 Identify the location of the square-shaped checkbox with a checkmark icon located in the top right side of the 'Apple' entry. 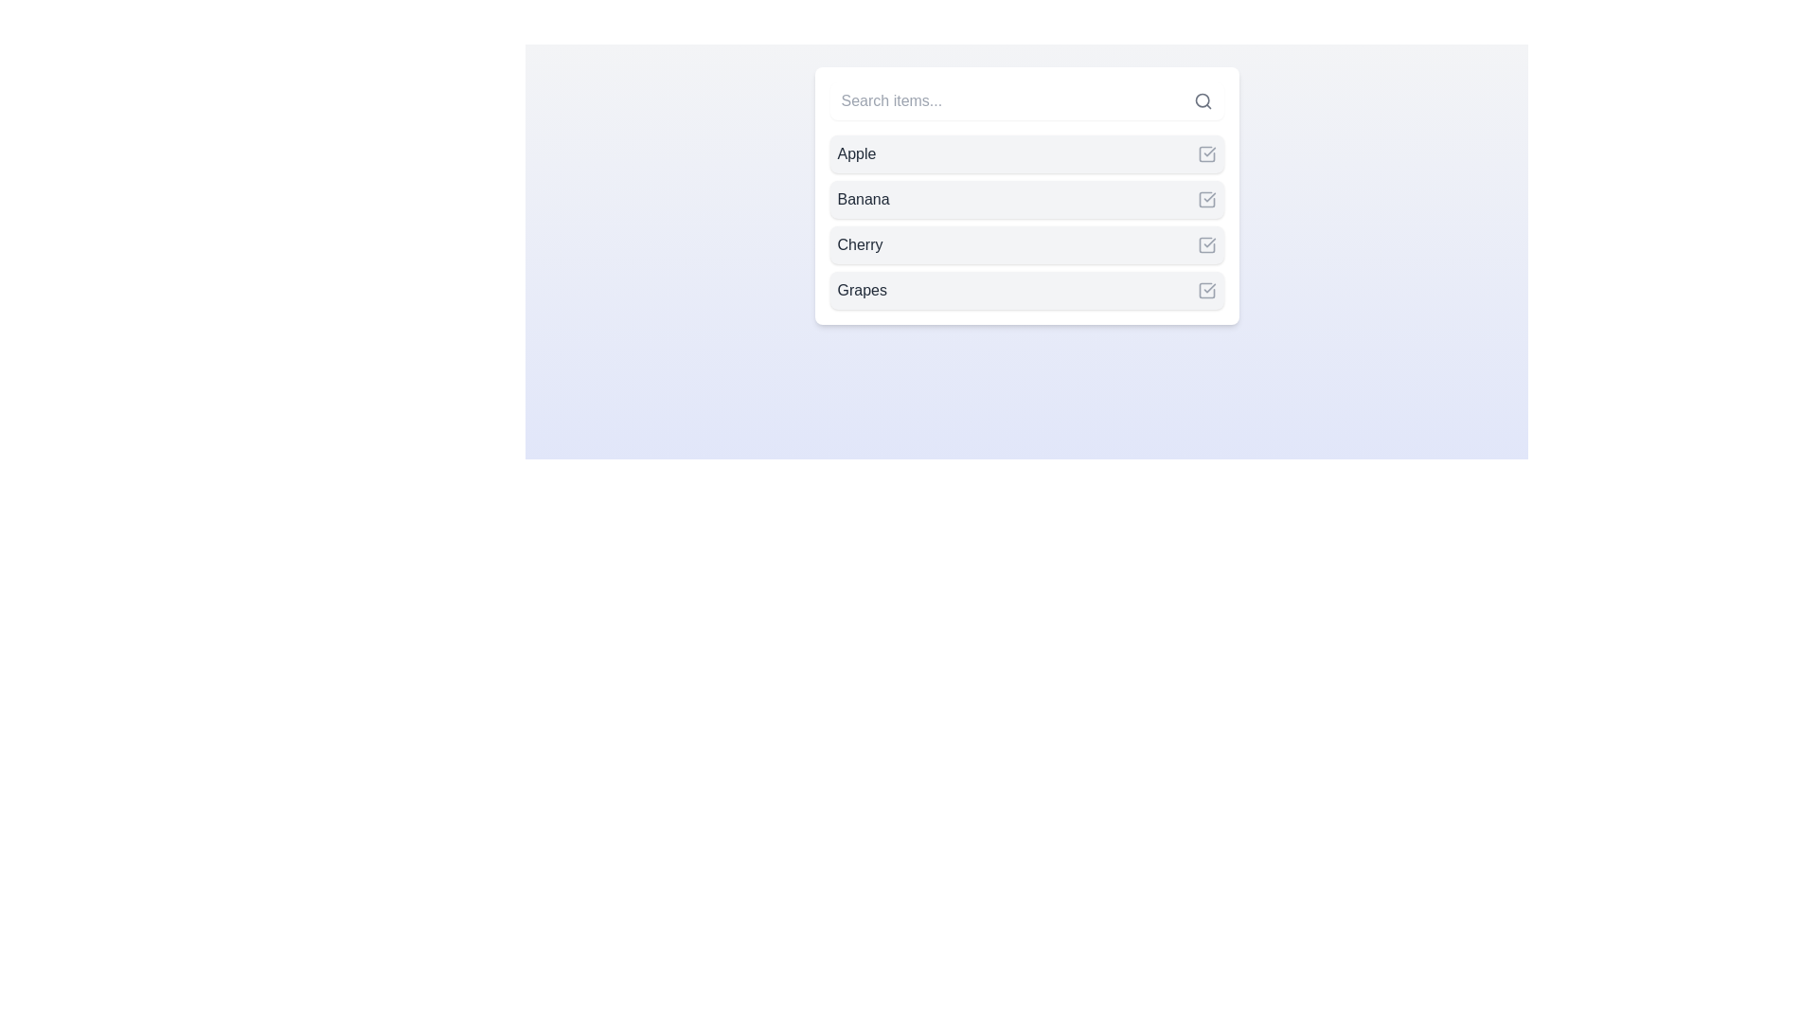
(1205, 153).